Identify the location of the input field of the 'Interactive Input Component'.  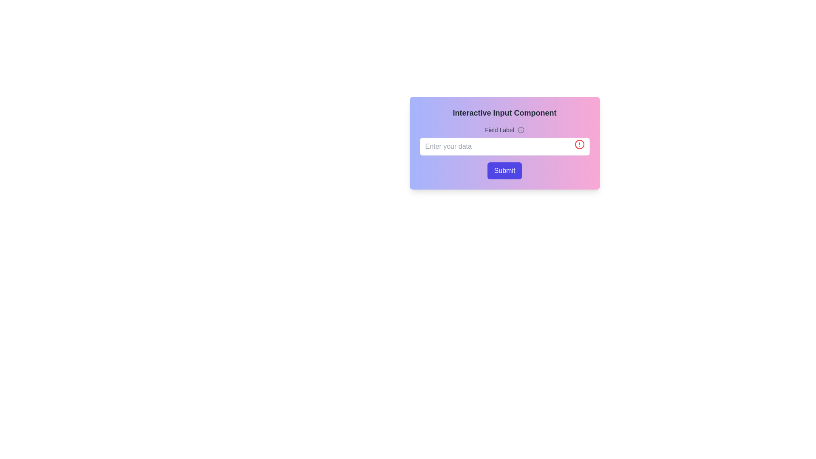
(504, 142).